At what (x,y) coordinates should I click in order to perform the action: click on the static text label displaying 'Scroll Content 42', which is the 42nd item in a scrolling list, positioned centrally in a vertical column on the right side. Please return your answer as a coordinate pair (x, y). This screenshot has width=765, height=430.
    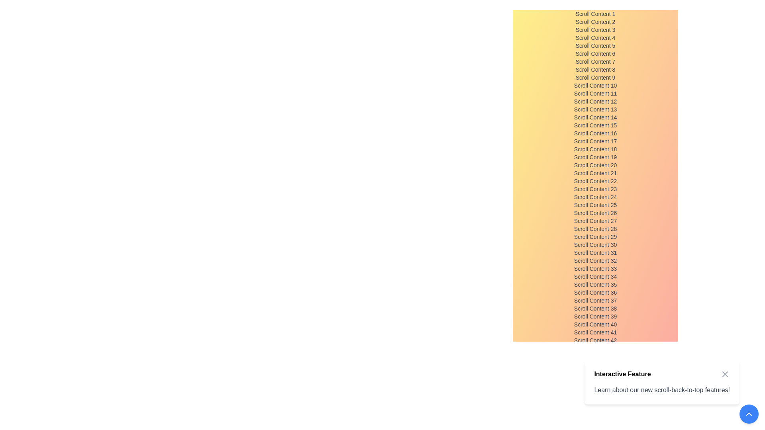
    Looking at the image, I should click on (595, 340).